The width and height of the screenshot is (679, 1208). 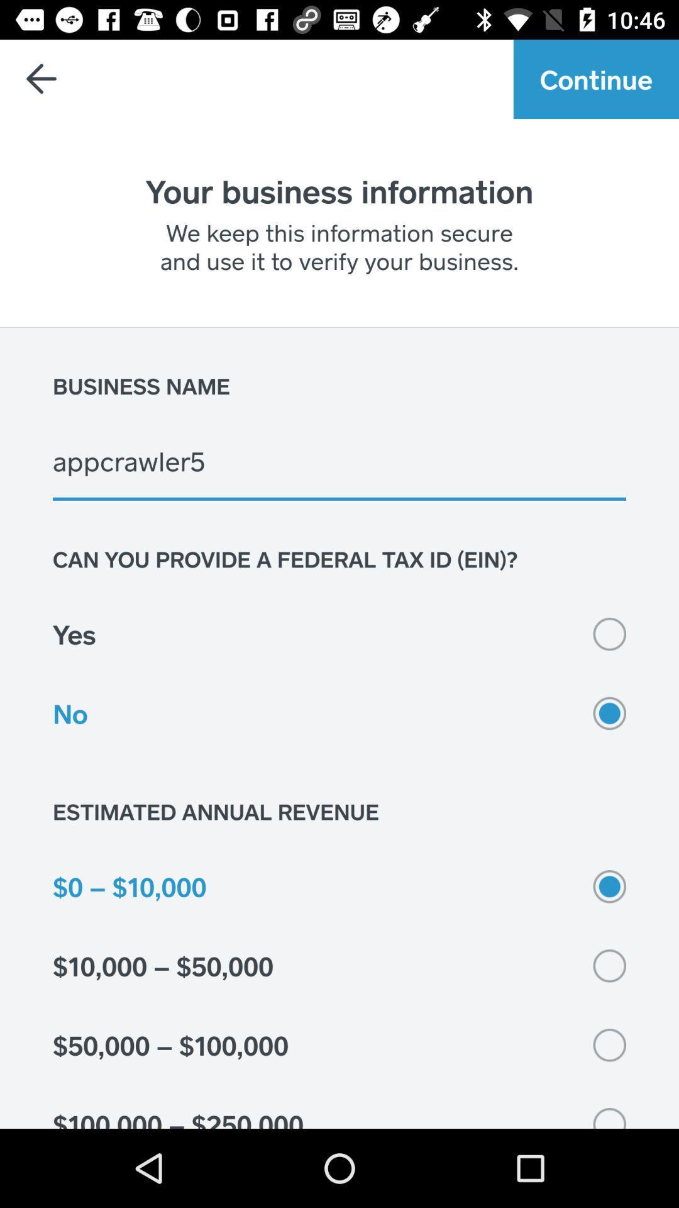 What do you see at coordinates (339, 634) in the screenshot?
I see `item above no icon` at bounding box center [339, 634].